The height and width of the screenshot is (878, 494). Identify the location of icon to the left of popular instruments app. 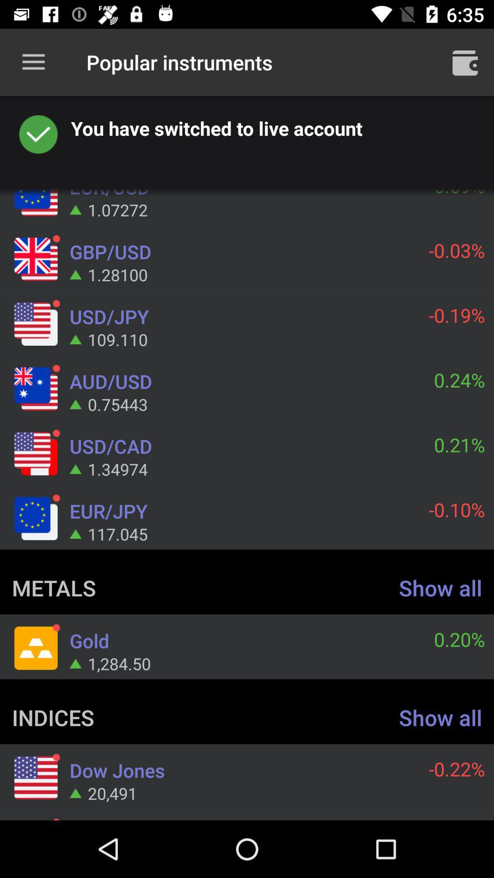
(33, 62).